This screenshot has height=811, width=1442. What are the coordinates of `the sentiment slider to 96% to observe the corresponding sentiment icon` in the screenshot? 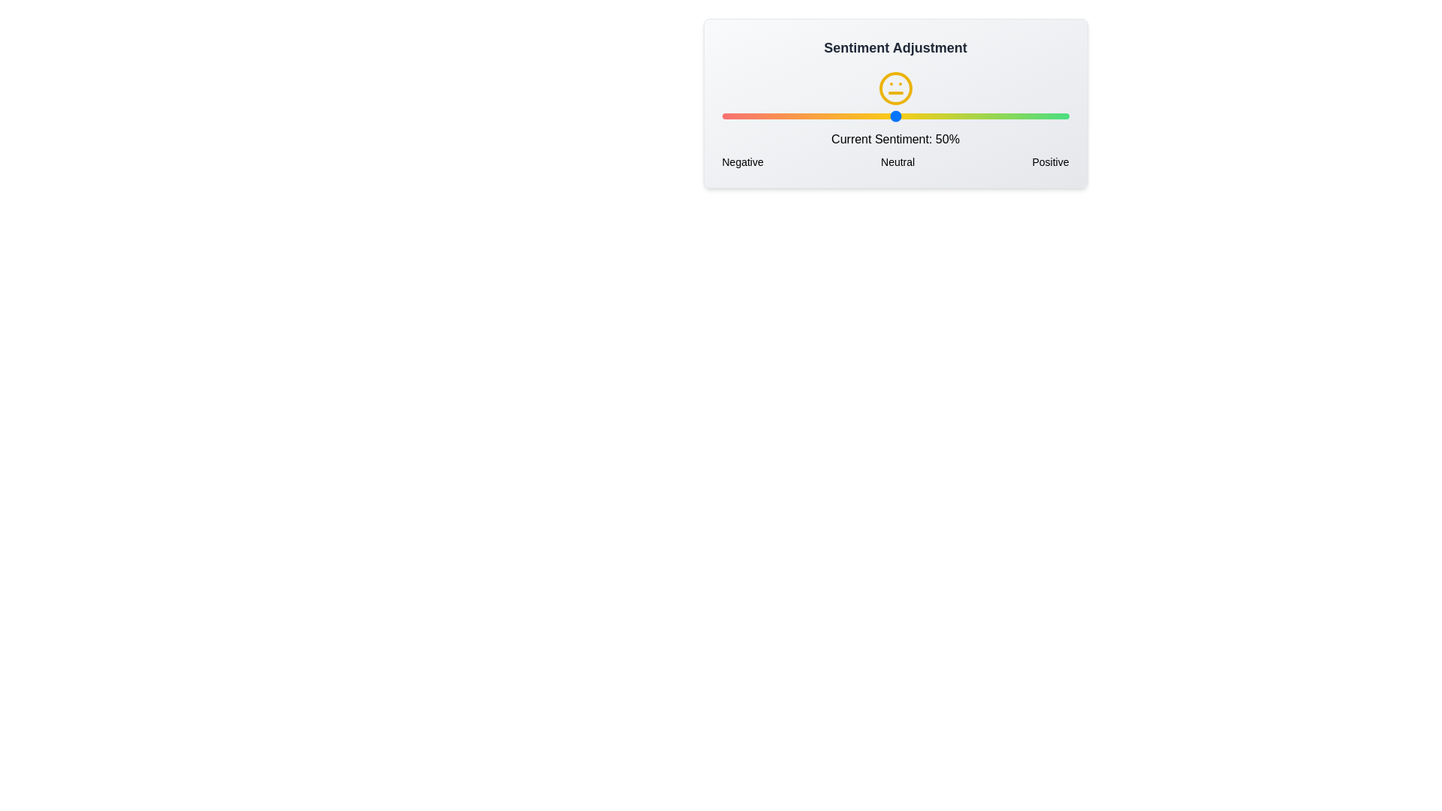 It's located at (1054, 115).